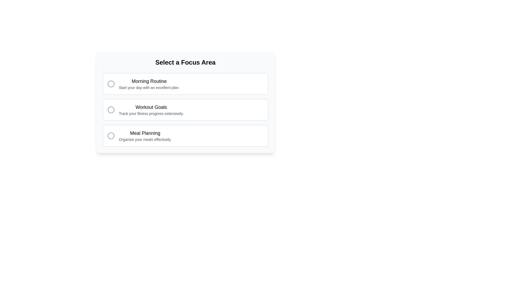 This screenshot has width=509, height=286. I want to click on the prominently displayed bold text 'Morning Routine' in the top option of the vertically stacked selection menu, located just above the description 'Start your day with an excellent plan.', so click(149, 81).